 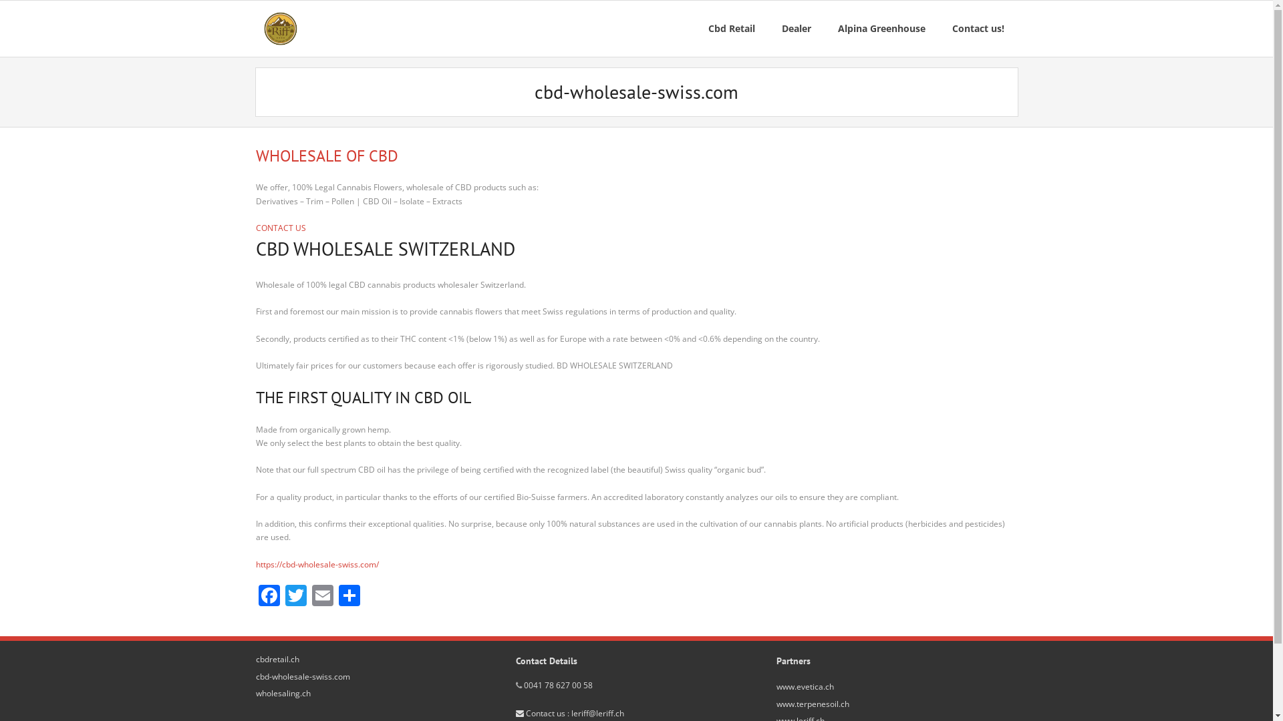 What do you see at coordinates (349, 596) in the screenshot?
I see `'Share'` at bounding box center [349, 596].